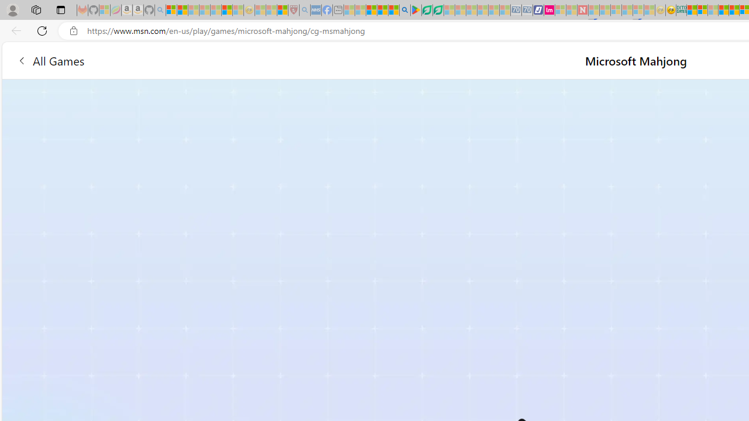 The width and height of the screenshot is (749, 421). I want to click on 'Kinda Frugal - MSN', so click(733, 10).